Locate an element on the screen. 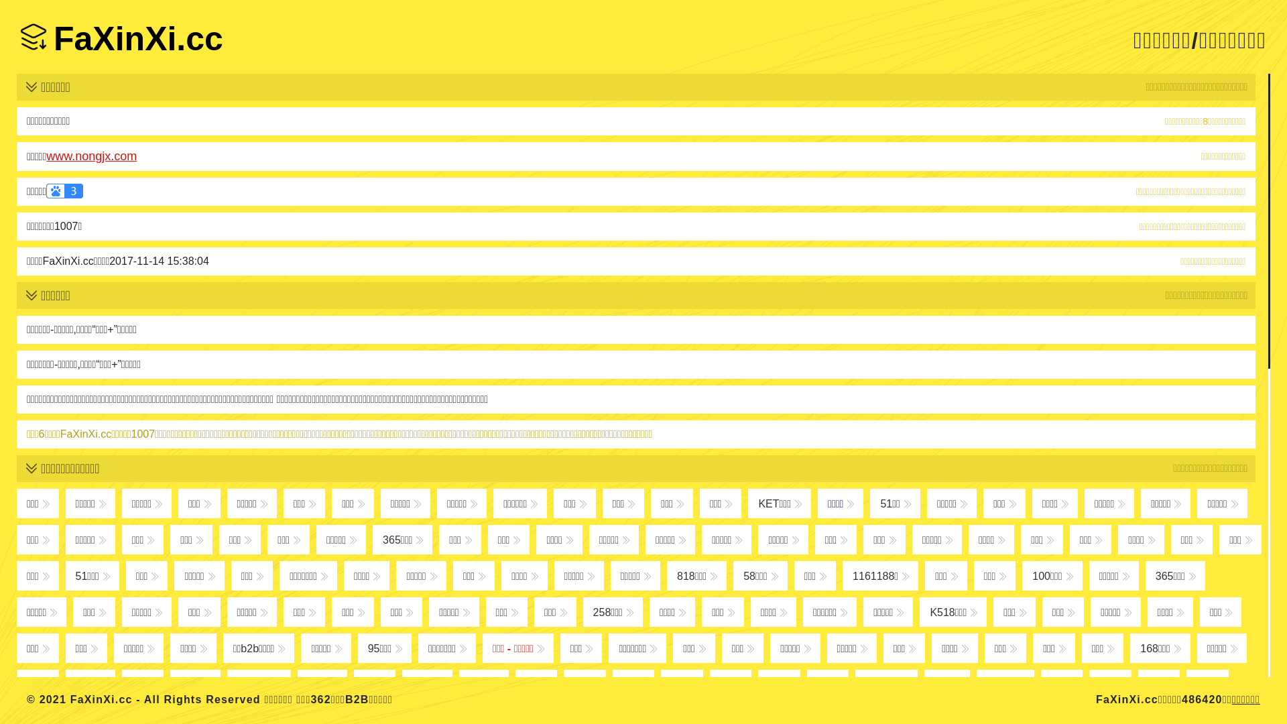 The width and height of the screenshot is (1287, 724). 'FaXinXi.cc' is located at coordinates (121, 38).